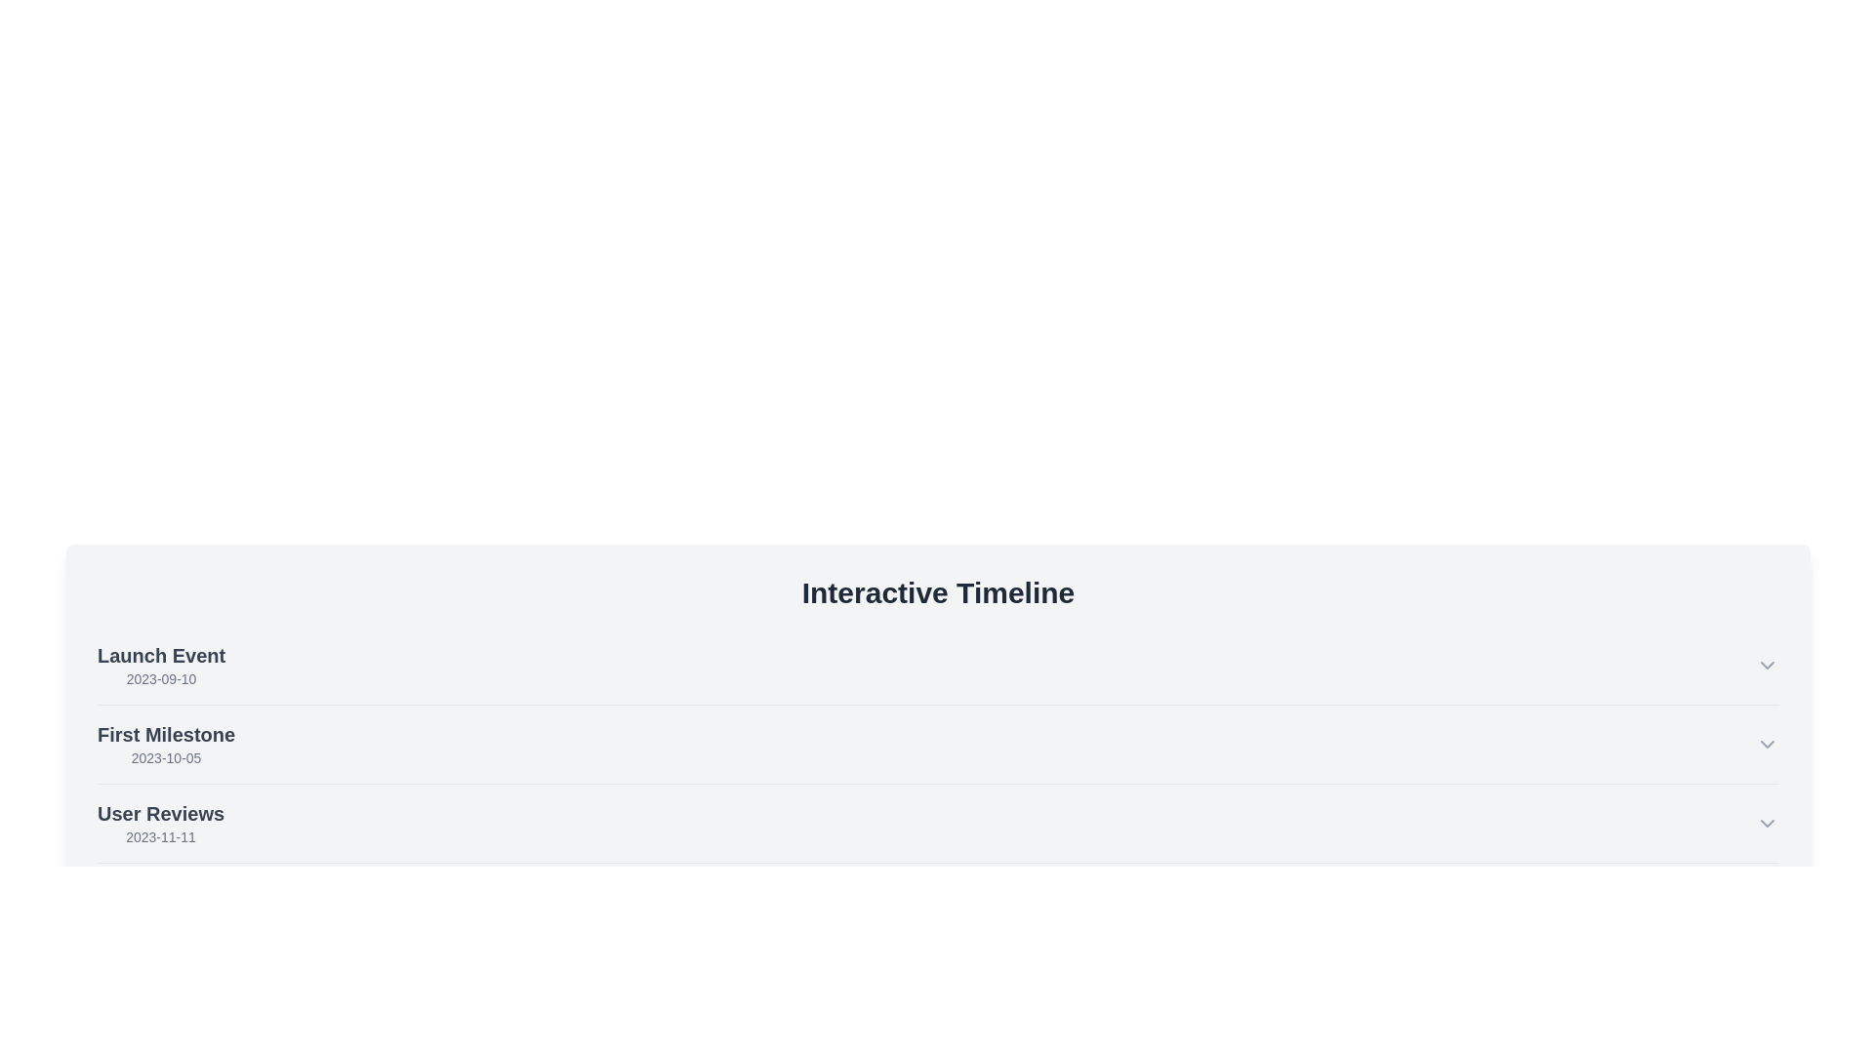 This screenshot has height=1054, width=1874. Describe the element at coordinates (938, 824) in the screenshot. I see `the collapsible list item element that serves as a summary for a date and title related to 'User Reviews' in the 'Interactive Timeline'` at that location.